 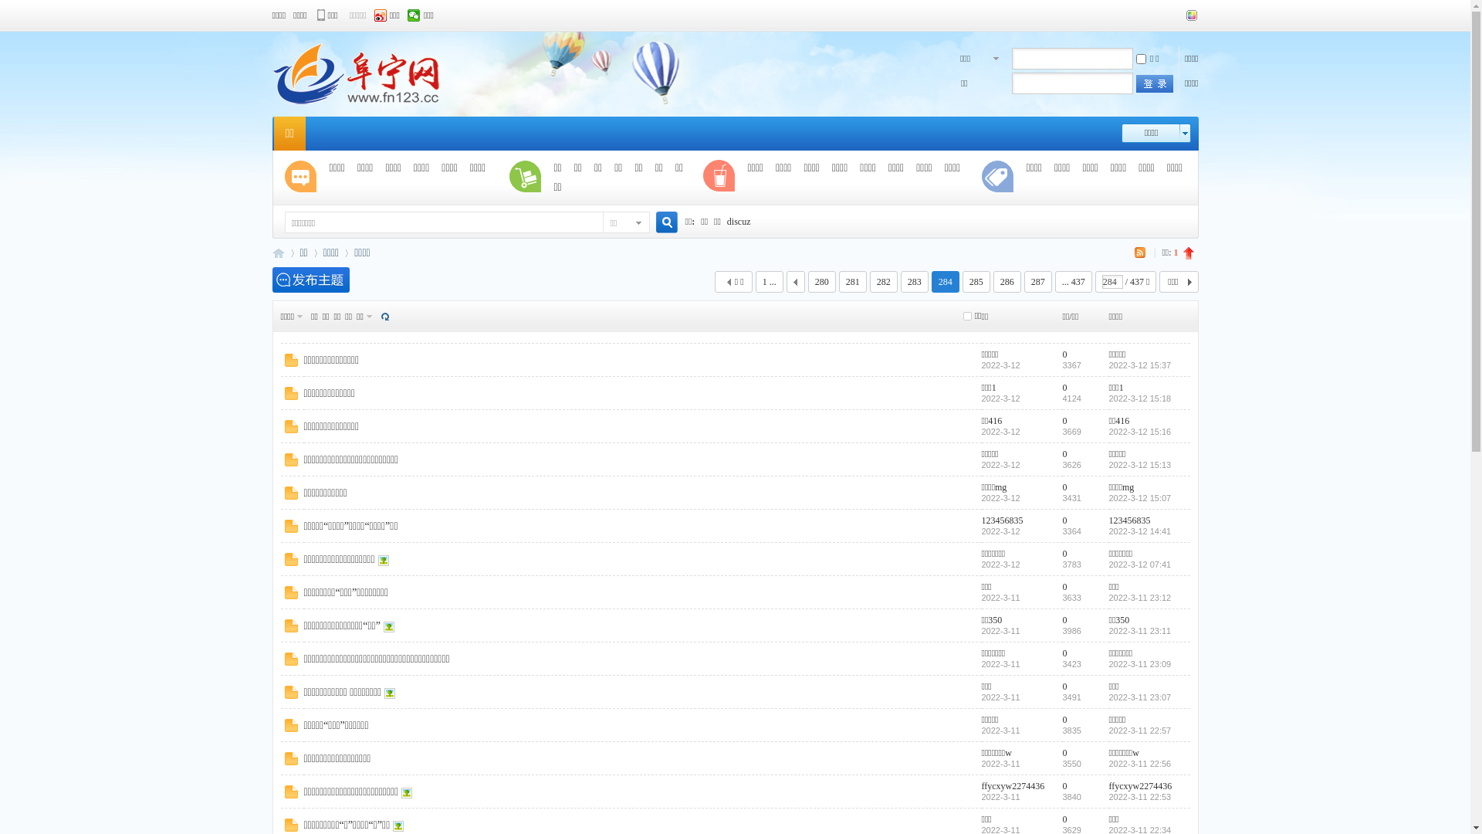 I want to click on '2022-3-12 15:13', so click(x=1139, y=463).